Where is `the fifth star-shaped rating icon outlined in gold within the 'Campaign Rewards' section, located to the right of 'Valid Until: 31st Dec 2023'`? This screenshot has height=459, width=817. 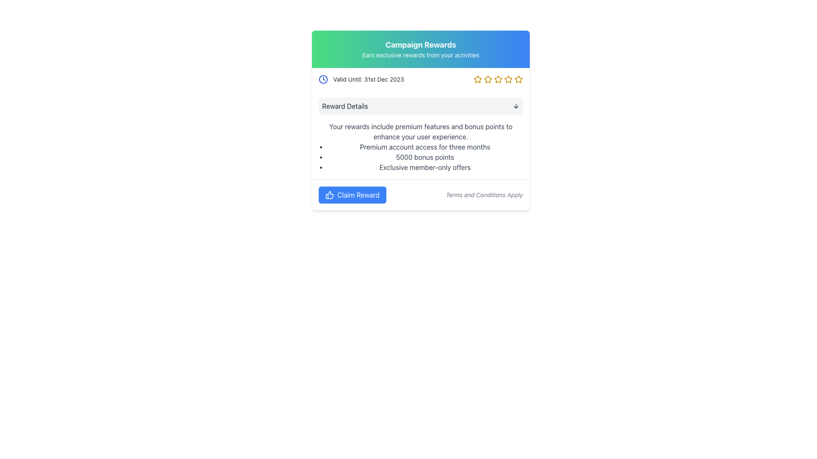
the fifth star-shaped rating icon outlined in gold within the 'Campaign Rewards' section, located to the right of 'Valid Until: 31st Dec 2023' is located at coordinates (508, 79).